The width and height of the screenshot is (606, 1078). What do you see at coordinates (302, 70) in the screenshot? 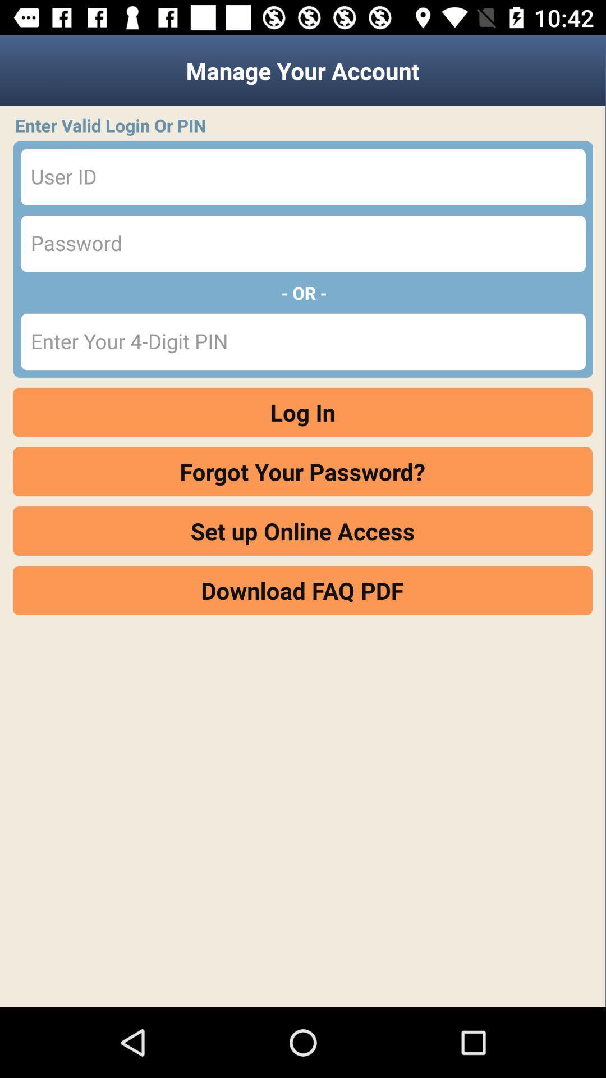
I see `manage your account item` at bounding box center [302, 70].